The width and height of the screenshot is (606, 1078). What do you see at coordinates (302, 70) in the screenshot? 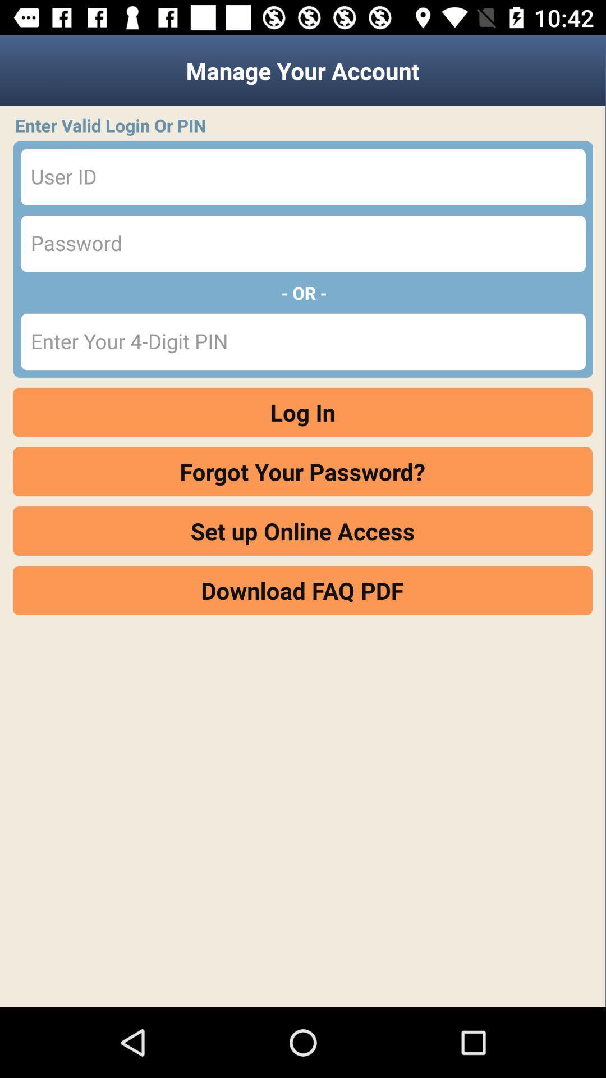
I see `manage your account item` at bounding box center [302, 70].